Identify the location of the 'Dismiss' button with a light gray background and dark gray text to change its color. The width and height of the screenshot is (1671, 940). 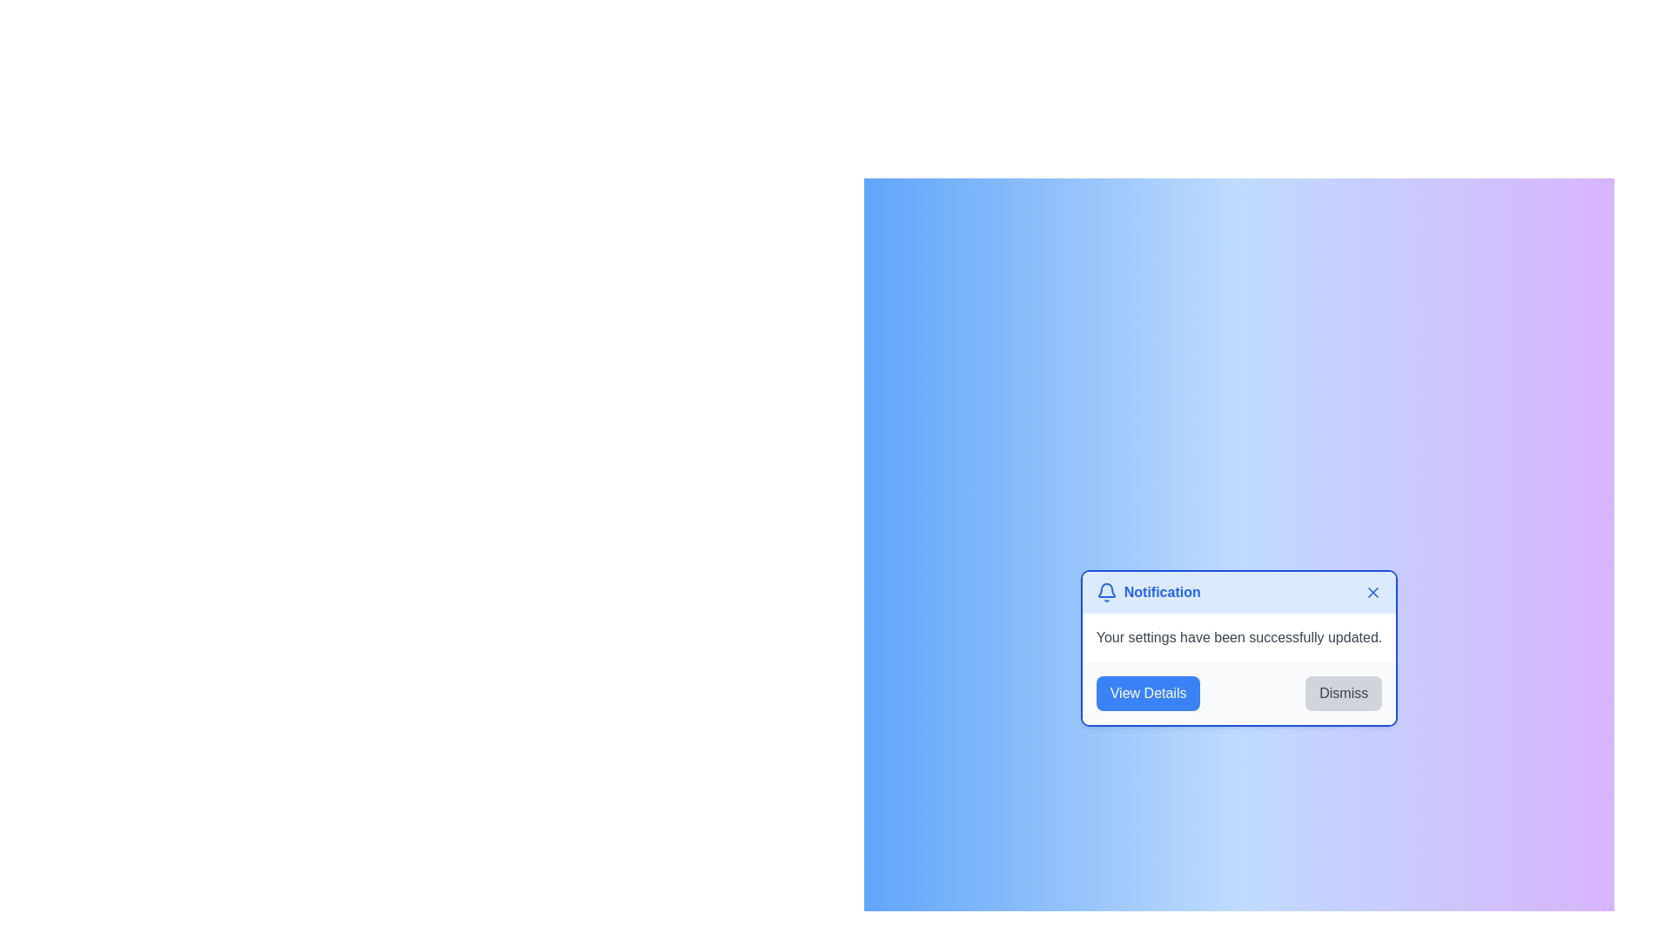
(1343, 693).